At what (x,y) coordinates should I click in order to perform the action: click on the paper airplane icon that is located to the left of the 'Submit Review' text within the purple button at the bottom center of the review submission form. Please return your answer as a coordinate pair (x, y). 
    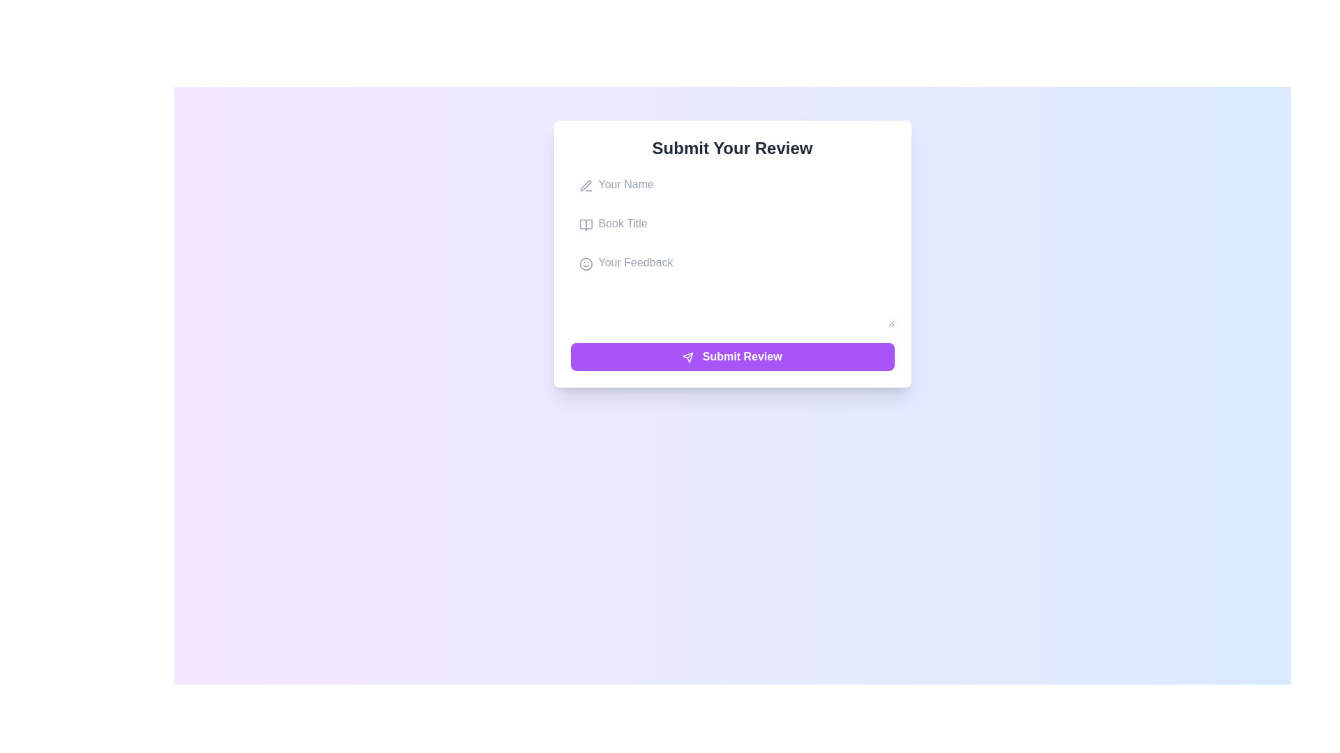
    Looking at the image, I should click on (688, 356).